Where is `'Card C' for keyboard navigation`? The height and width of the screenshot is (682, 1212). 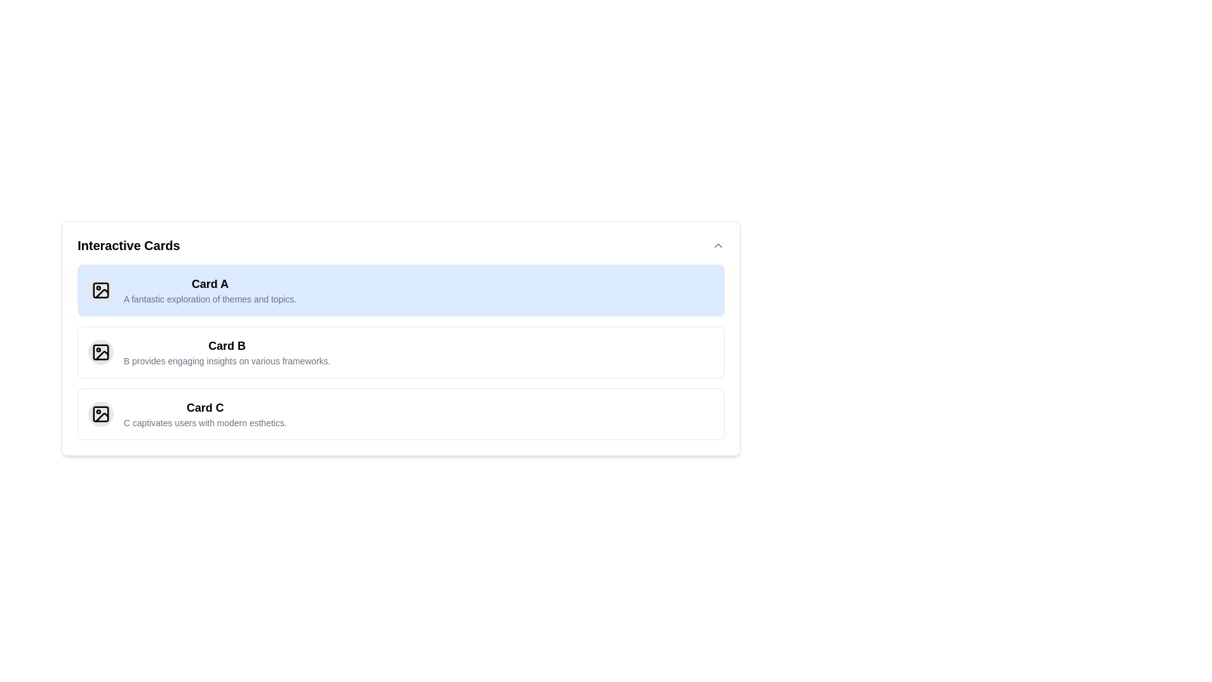 'Card C' for keyboard navigation is located at coordinates (400, 414).